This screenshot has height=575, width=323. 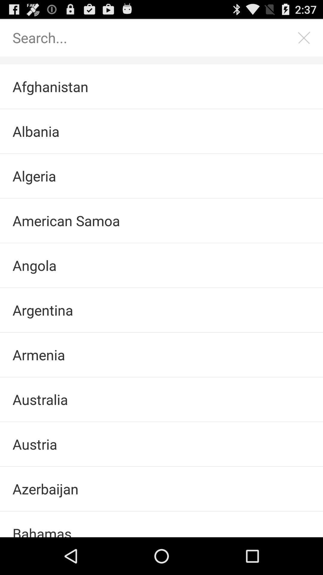 I want to click on the item above bahamas checkbox, so click(x=161, y=489).